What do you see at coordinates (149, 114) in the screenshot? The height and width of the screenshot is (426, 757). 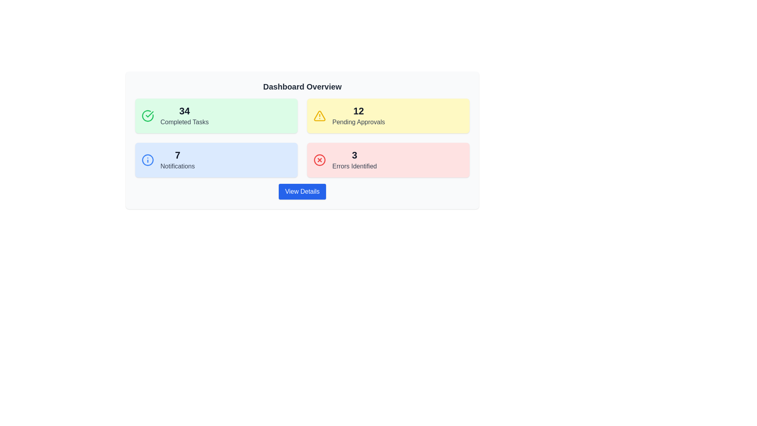 I see `the green checkmark icon indicating completed tasks for additional actions` at bounding box center [149, 114].